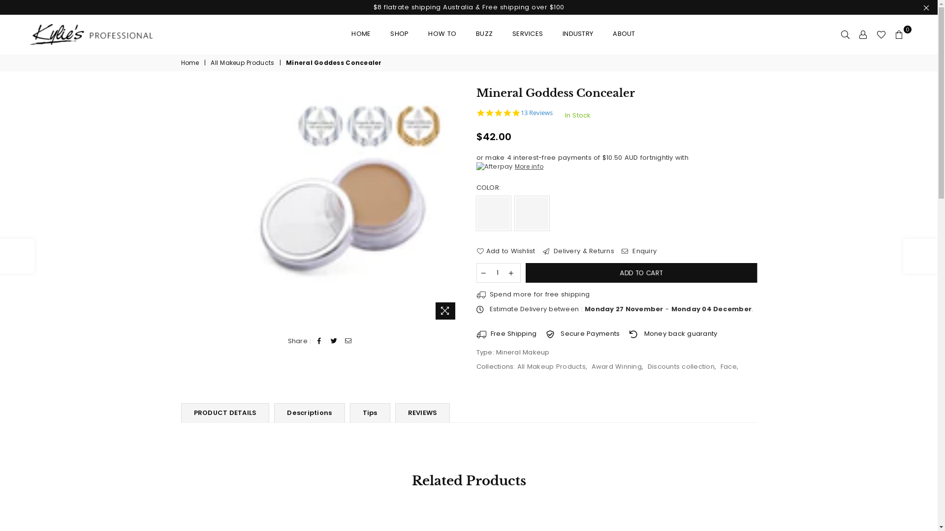 Image resolution: width=945 pixels, height=531 pixels. Describe the element at coordinates (210, 63) in the screenshot. I see `'All Makeup Products'` at that location.